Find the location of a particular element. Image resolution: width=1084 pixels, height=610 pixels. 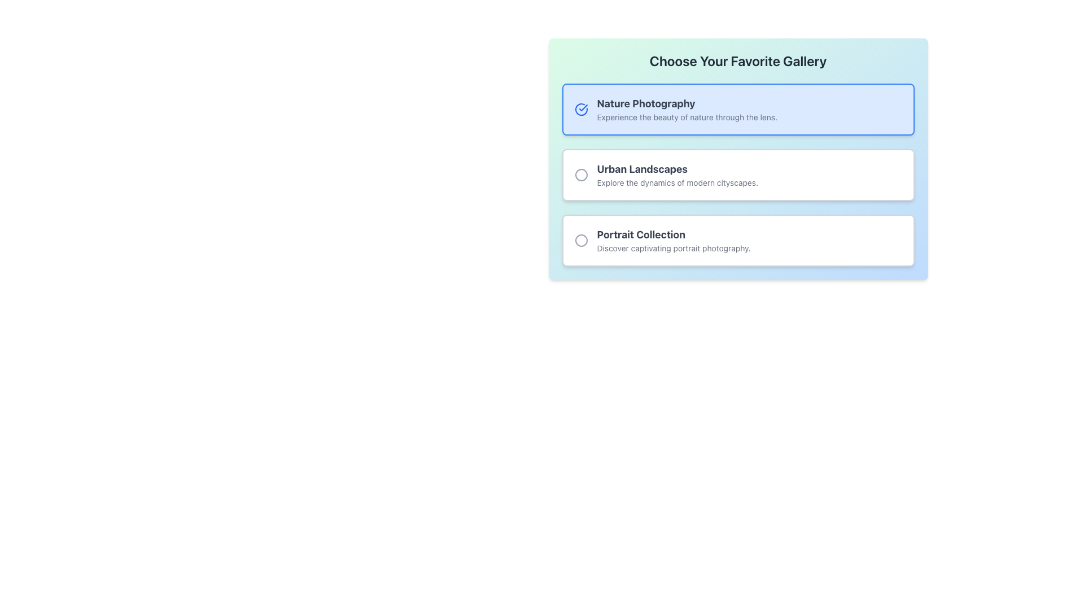

the small gray outlined circle icon located centrally within the 'Urban Landscapes' entry of the SVG graphic indicator is located at coordinates (581, 239).